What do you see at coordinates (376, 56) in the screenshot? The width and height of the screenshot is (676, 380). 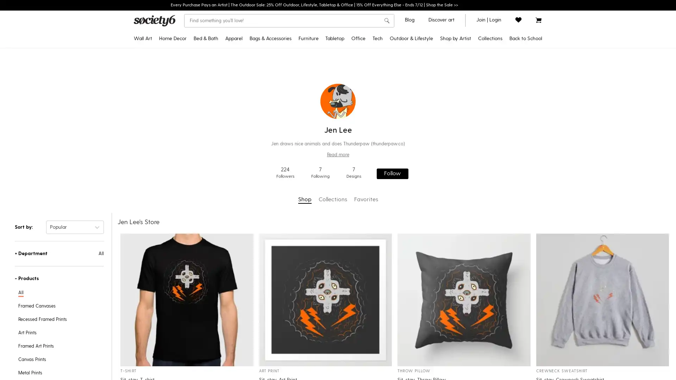 I see `Desk MatsNEW` at bounding box center [376, 56].